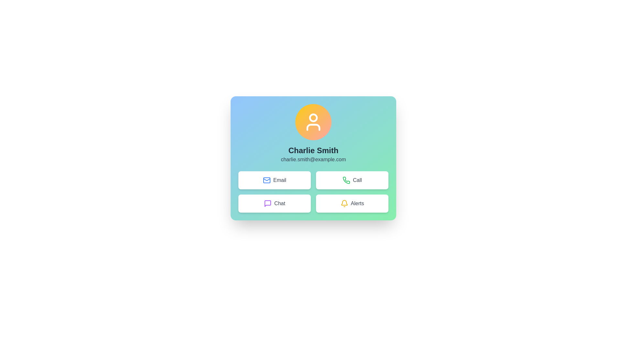  Describe the element at coordinates (357, 203) in the screenshot. I see `text label that indicates the notification or alert functionality, located in the bottom-right quadrant of the card layout, next to a yellow bell icon` at that location.